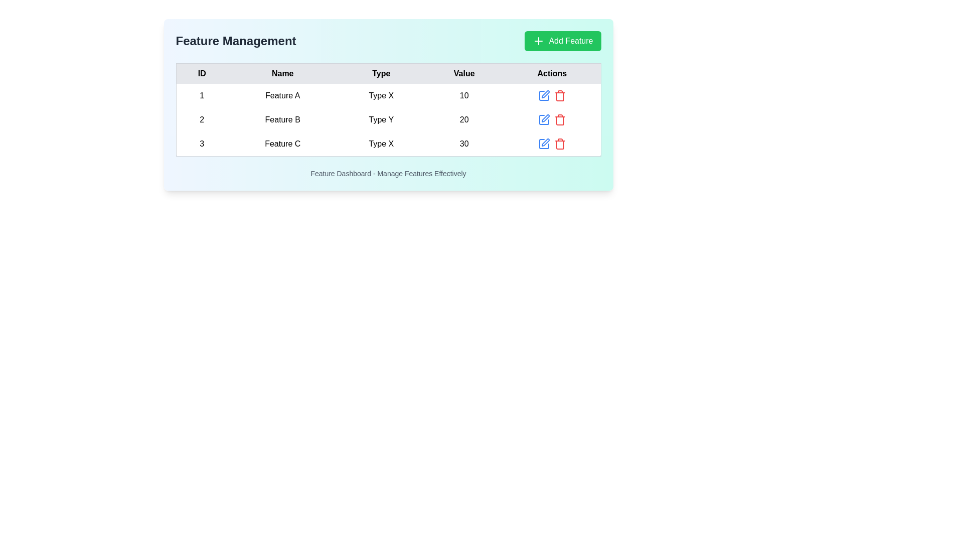  Describe the element at coordinates (201, 73) in the screenshot. I see `the table header cell containing the bold, capitalized text 'ID' with a light gray background, located in the top-left part of the table` at that location.